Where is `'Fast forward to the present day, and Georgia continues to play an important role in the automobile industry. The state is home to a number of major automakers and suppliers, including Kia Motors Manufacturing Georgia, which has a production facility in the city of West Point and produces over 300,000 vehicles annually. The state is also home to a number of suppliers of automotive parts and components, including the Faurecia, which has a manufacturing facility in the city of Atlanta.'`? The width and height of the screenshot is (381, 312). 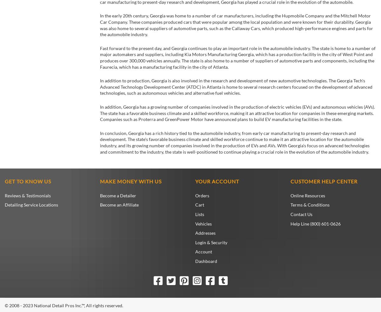
'Fast forward to the present day, and Georgia continues to play an important role in the automobile industry. The state is home to a number of major automakers and suppliers, including Kia Motors Manufacturing Georgia, which has a production facility in the city of West Point and produces over 300,000 vehicles annually. The state is also home to a number of suppliers of automotive parts and components, including the Faurecia, which has a manufacturing facility in the city of Atlanta.' is located at coordinates (238, 57).